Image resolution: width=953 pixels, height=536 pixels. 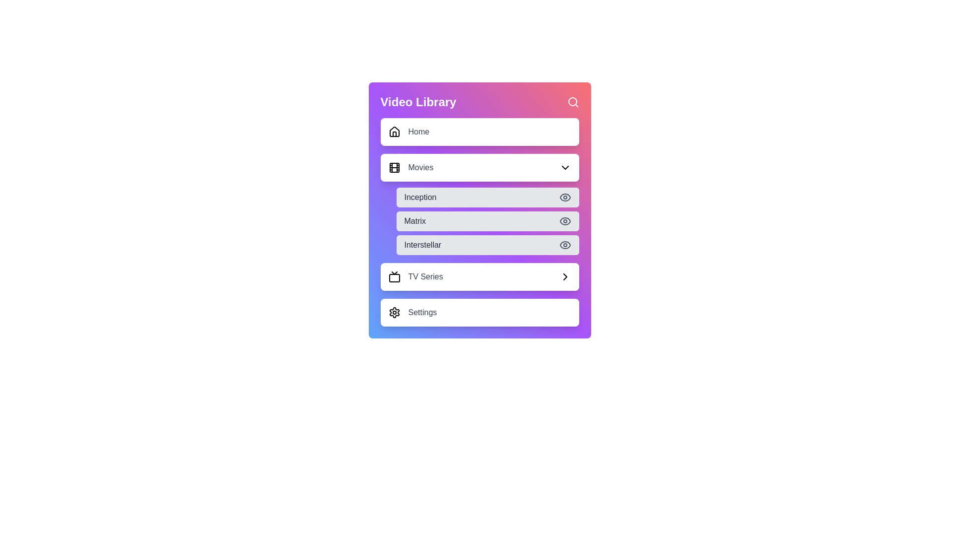 What do you see at coordinates (572, 101) in the screenshot?
I see `the SVG Circle element representing the search feature, located in the top-right corner of the interface` at bounding box center [572, 101].